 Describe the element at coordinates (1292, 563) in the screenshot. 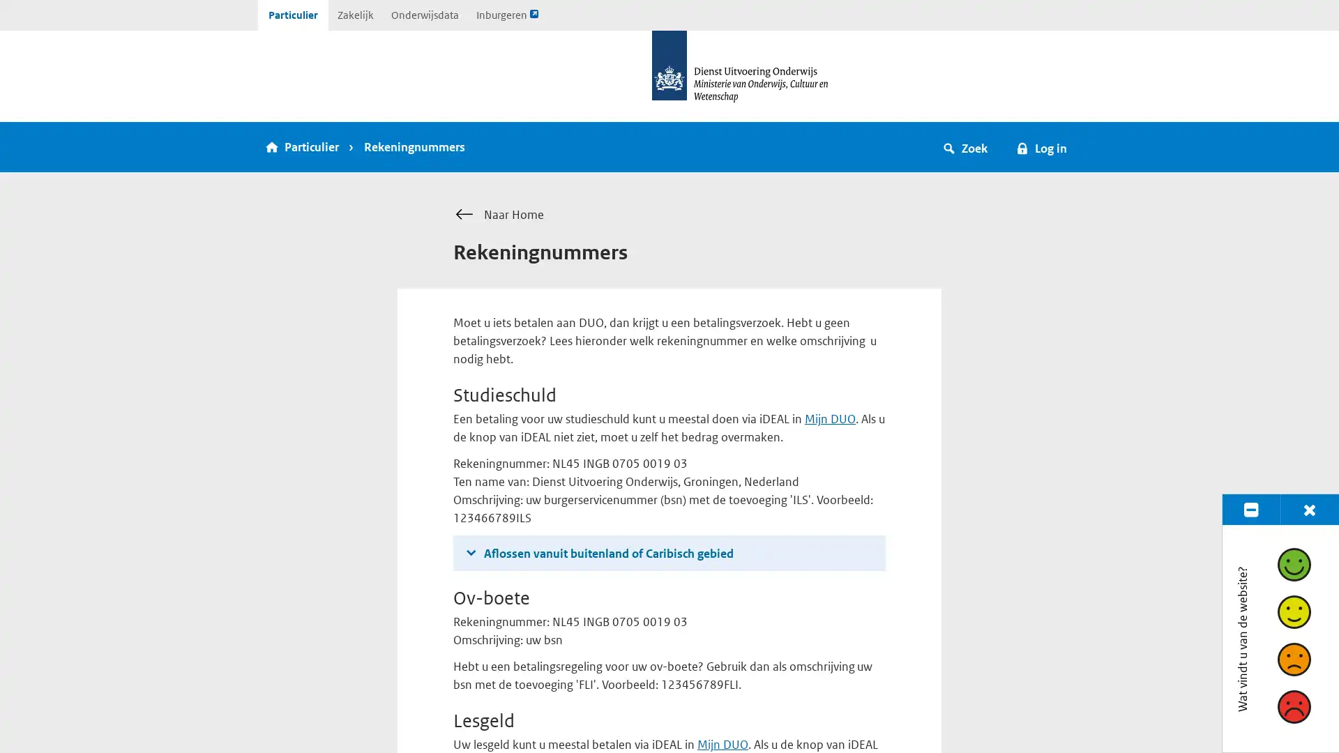

I see `Goed` at that location.